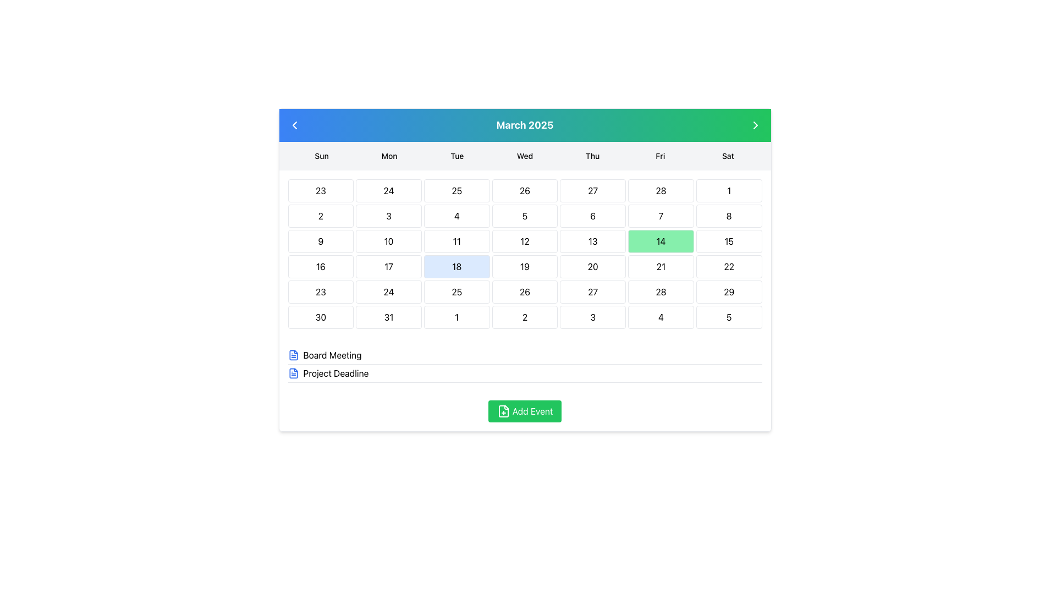 This screenshot has width=1056, height=594. Describe the element at coordinates (524, 241) in the screenshot. I see `the interactive calendar date box representing the date '12' in March 2025` at that location.